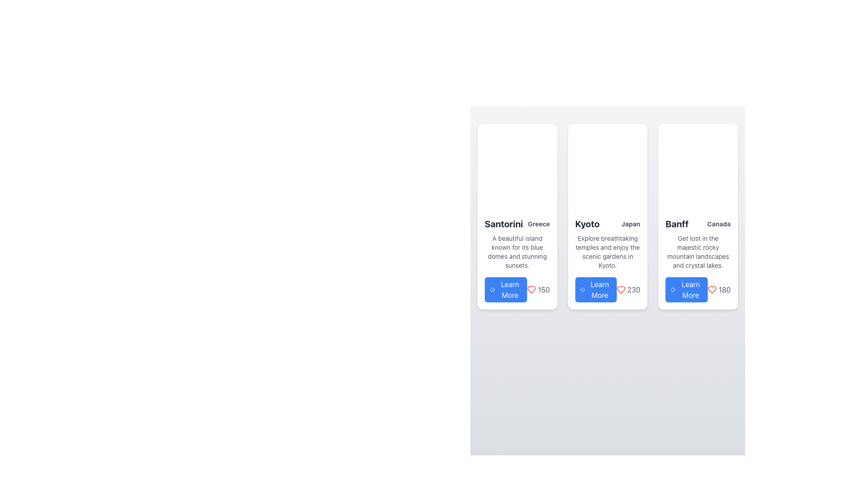  What do you see at coordinates (517, 223) in the screenshot?
I see `the Text Display element containing the bold text 'Santorini' and the subdued text 'Greece', located at the upper part of the first tile in the grid layout` at bounding box center [517, 223].